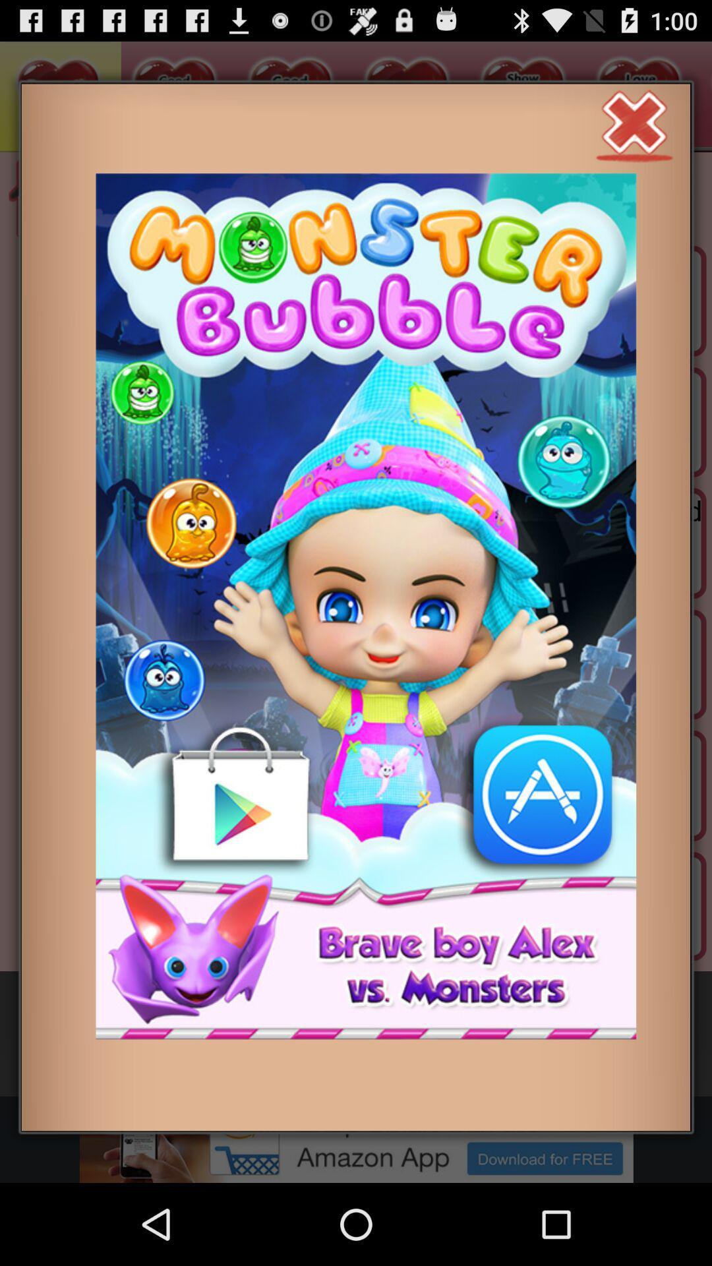 The width and height of the screenshot is (712, 1266). Describe the element at coordinates (366, 605) in the screenshot. I see `click on advertisement` at that location.